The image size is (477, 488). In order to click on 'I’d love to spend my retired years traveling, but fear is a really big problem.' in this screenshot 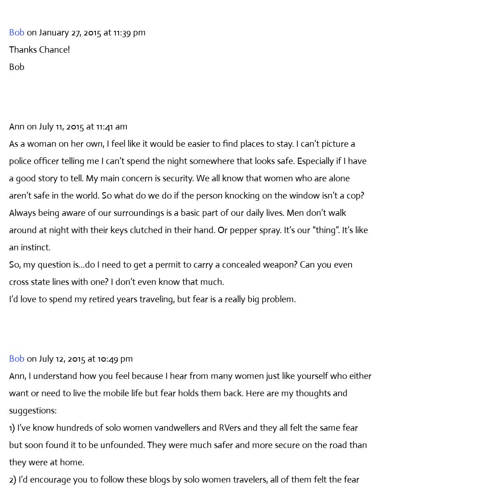, I will do `click(152, 298)`.